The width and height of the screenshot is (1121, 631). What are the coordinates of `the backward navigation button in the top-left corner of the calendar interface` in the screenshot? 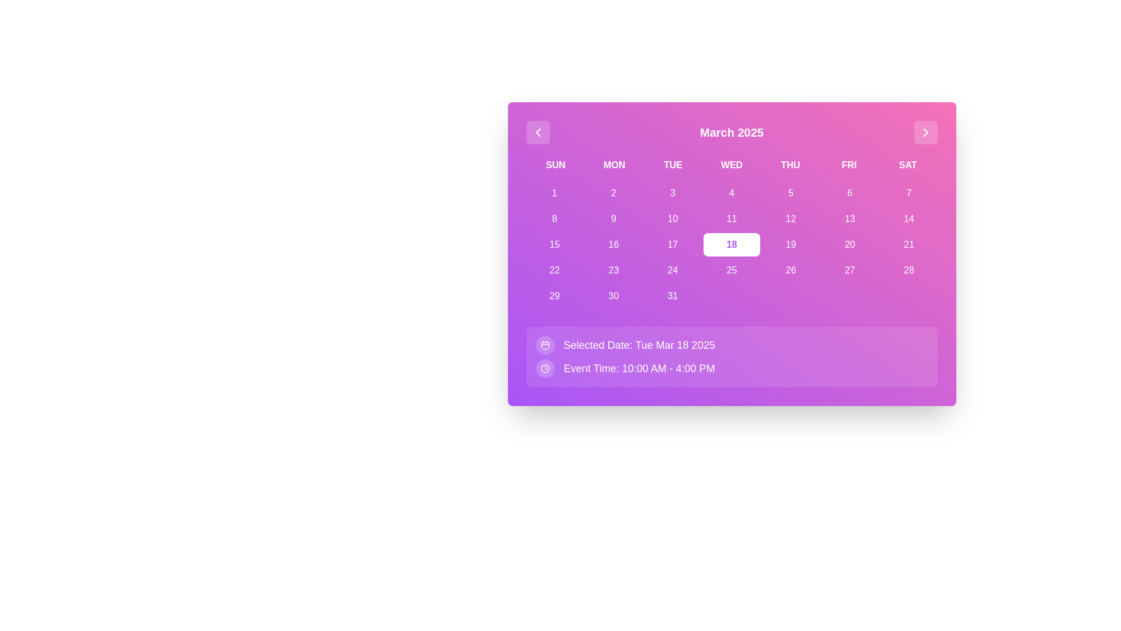 It's located at (537, 132).